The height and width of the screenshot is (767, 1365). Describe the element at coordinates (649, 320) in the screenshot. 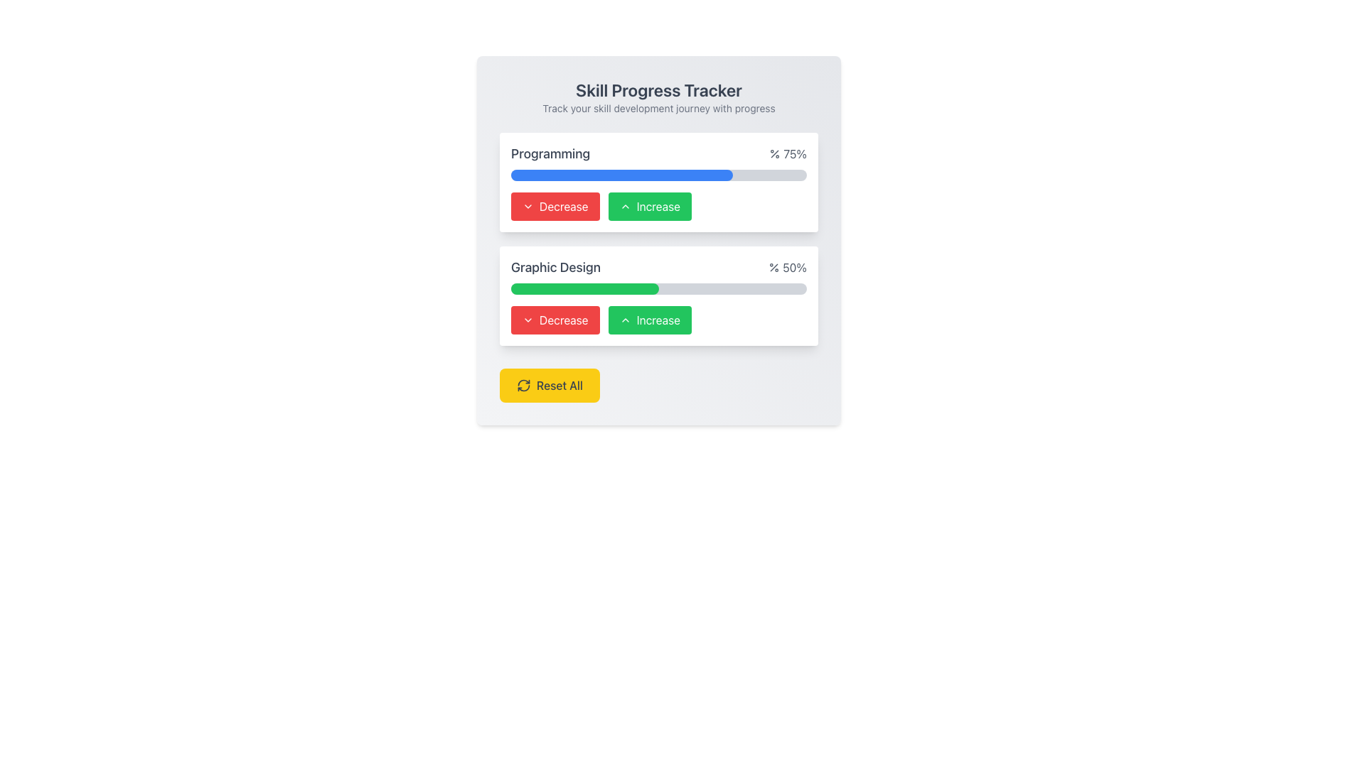

I see `the 'Increase' button for the 'Graphic Design' skill to observe hover effects` at that location.